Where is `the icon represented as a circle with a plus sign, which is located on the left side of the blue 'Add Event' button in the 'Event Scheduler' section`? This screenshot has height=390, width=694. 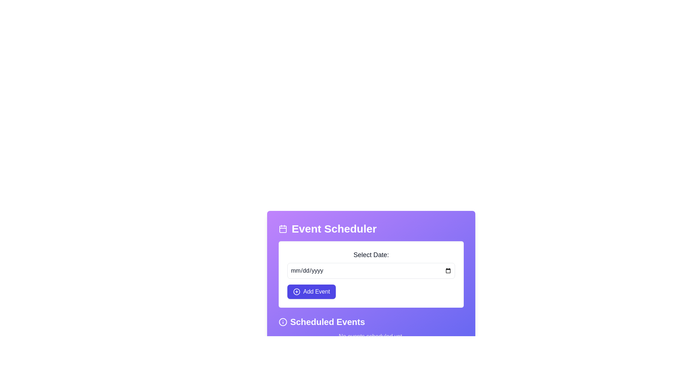 the icon represented as a circle with a plus sign, which is located on the left side of the blue 'Add Event' button in the 'Event Scheduler' section is located at coordinates (296, 291).